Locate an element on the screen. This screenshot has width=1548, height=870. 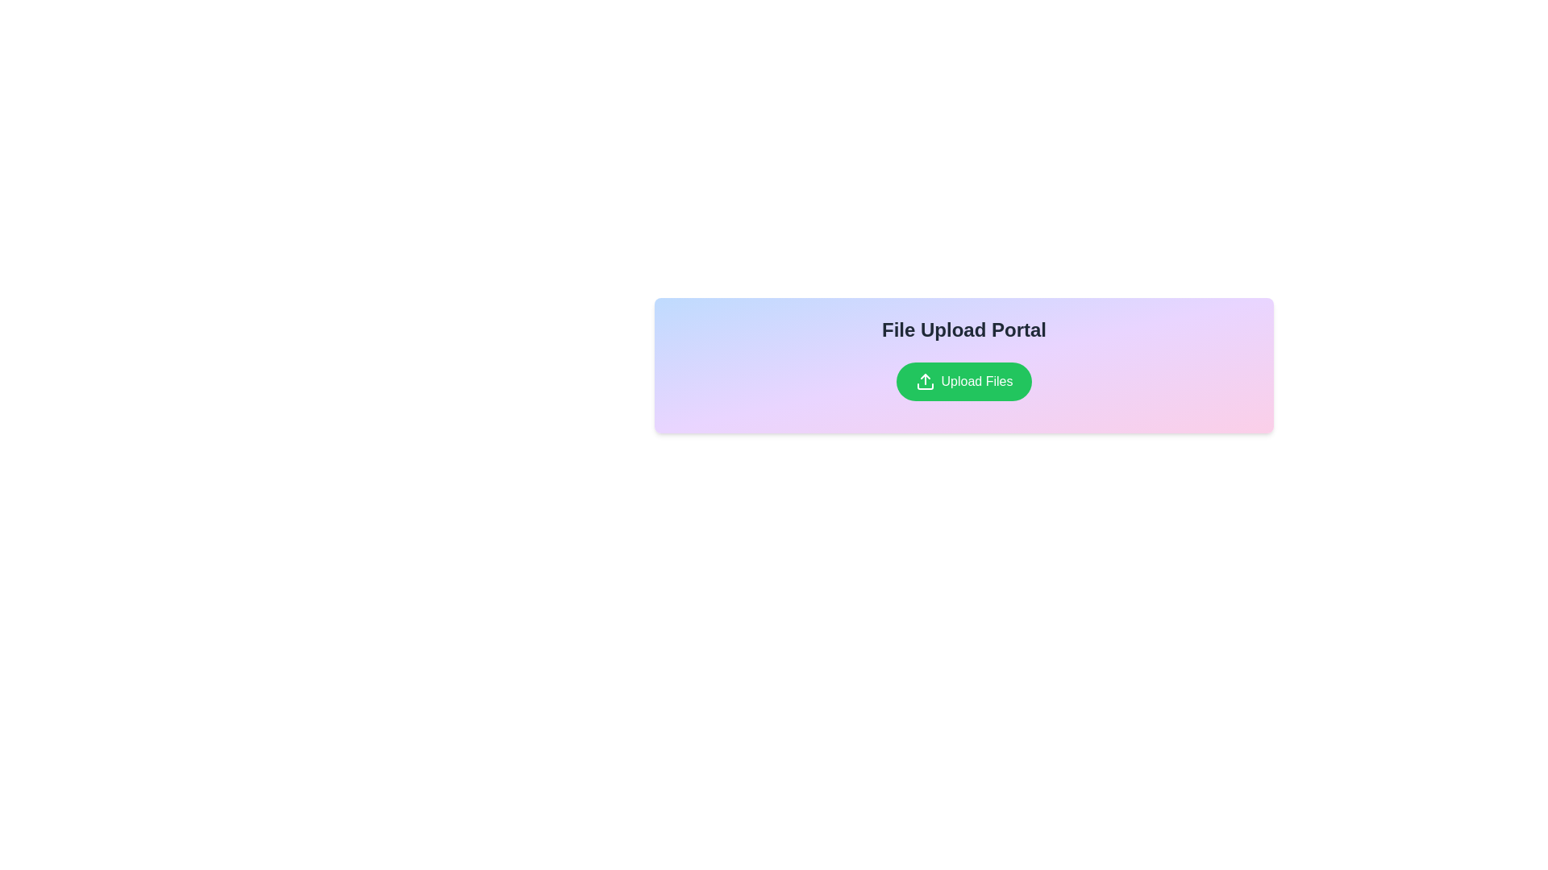
the label text within the 'Upload Files' button is located at coordinates (976, 382).